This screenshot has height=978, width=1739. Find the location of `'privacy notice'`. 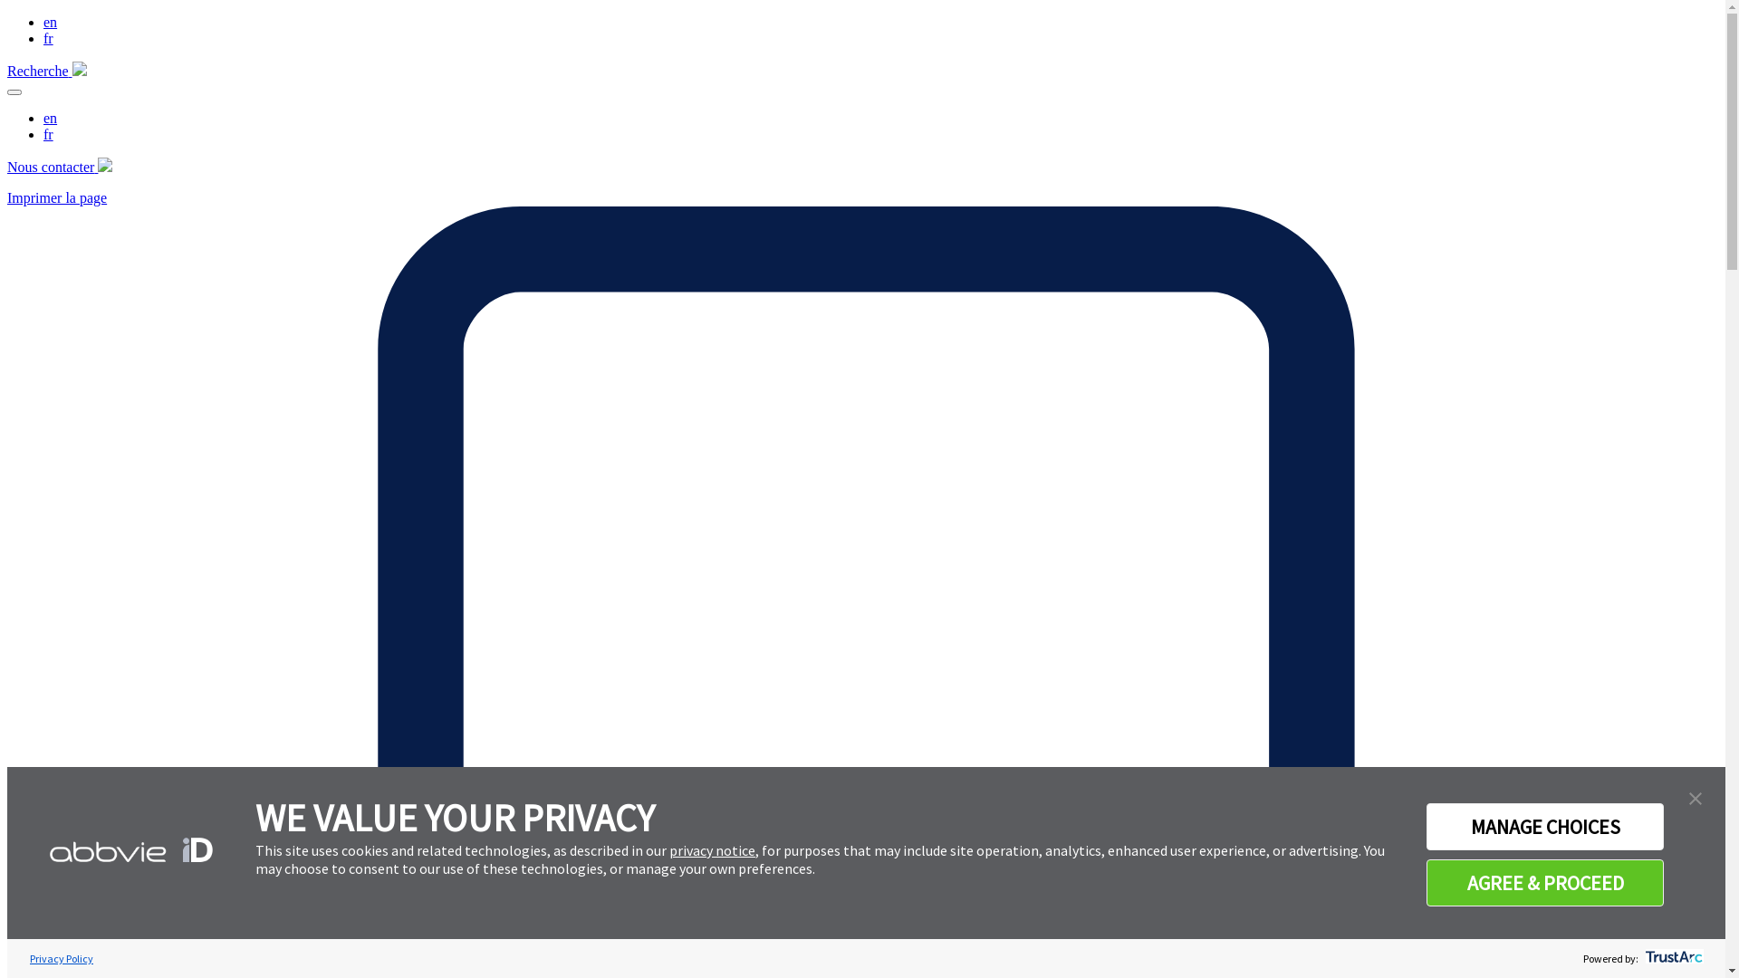

'privacy notice' is located at coordinates (668, 849).